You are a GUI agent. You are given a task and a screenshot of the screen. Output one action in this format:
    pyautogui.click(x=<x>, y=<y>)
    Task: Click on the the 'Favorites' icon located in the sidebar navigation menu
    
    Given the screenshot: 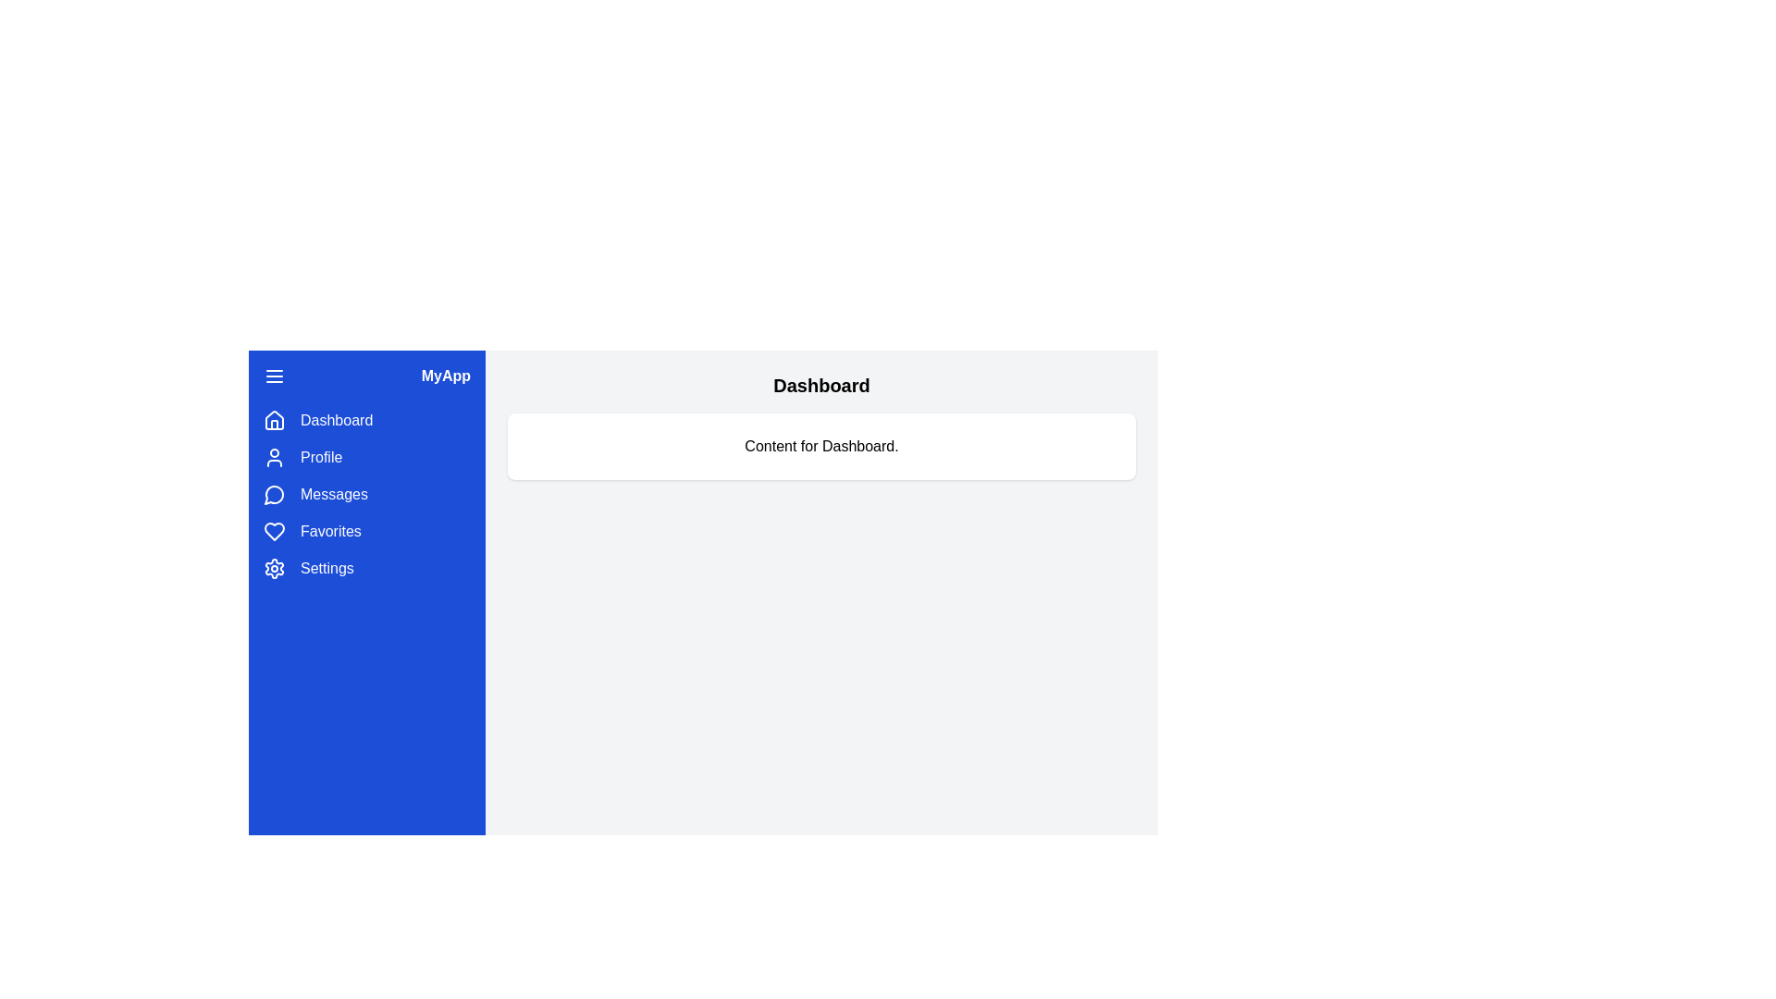 What is the action you would take?
    pyautogui.click(x=274, y=531)
    